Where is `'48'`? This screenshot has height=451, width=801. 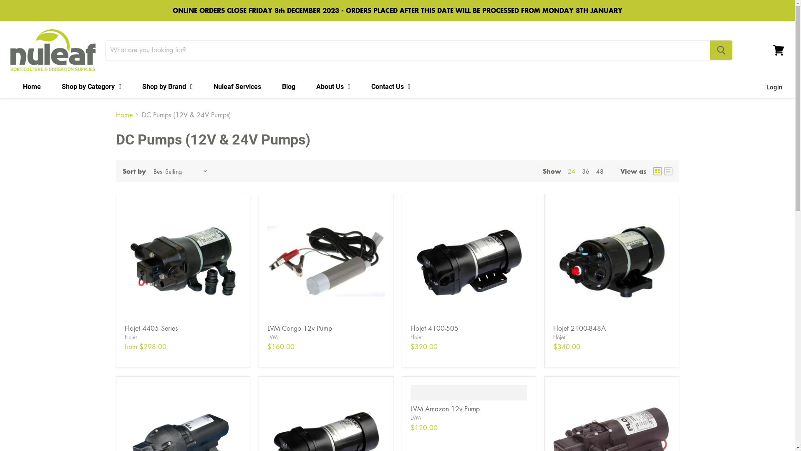
'48' is located at coordinates (599, 170).